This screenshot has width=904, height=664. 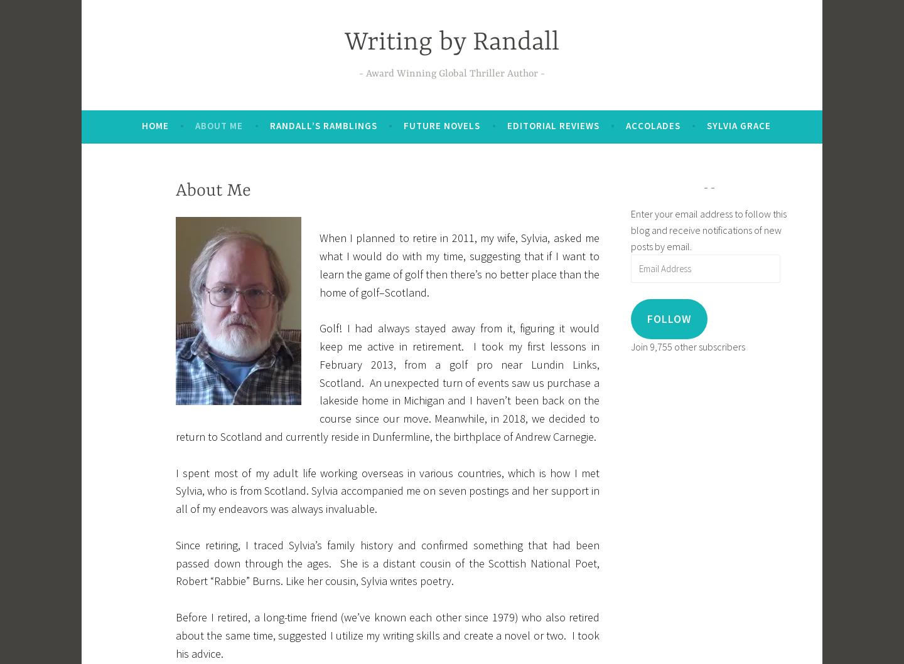 I want to click on 'Since retiring, I traced Sylvia’s family history and confirmed something that had been passed down through the ages.  She is a distant cousin of the Scottish National Poet, Robert “Rabbie” Burns. Like her cousin, Sylvia writes poetry.', so click(x=387, y=562).